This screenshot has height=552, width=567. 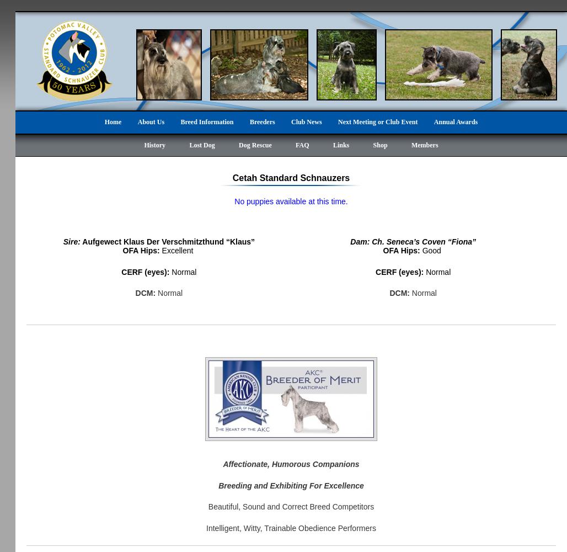 What do you see at coordinates (234, 201) in the screenshot?
I see `'No puppies available at this time.'` at bounding box center [234, 201].